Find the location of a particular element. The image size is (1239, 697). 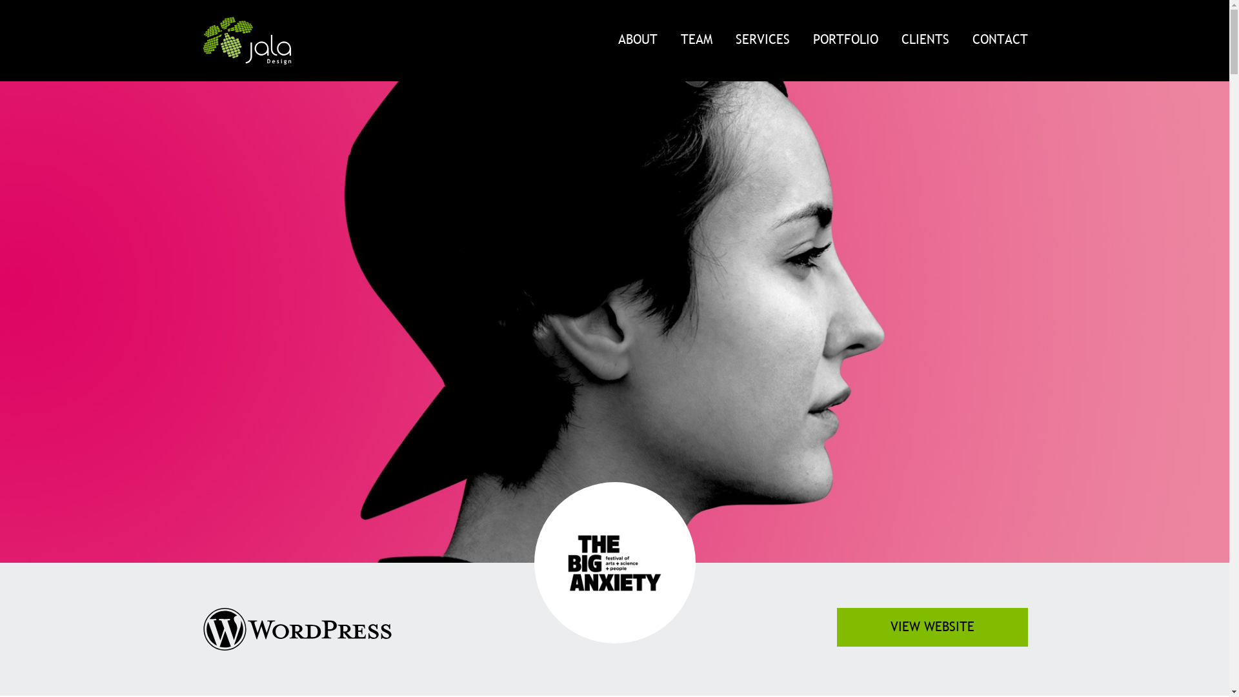

'TEAM' is located at coordinates (669, 39).